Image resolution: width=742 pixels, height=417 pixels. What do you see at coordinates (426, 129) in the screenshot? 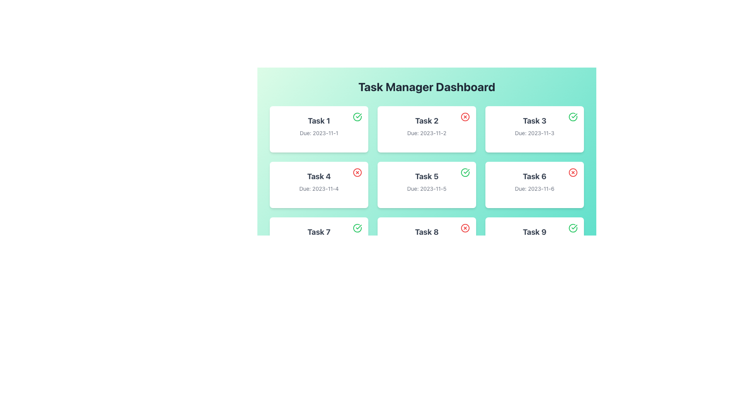
I see `the second task card in the task management system, which displays task information such as name and due date` at bounding box center [426, 129].